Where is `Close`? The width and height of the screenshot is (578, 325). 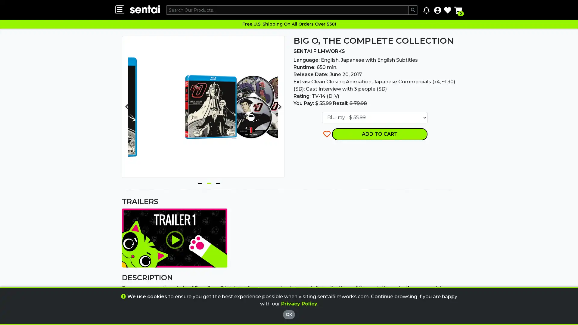 Close is located at coordinates (320, 293).